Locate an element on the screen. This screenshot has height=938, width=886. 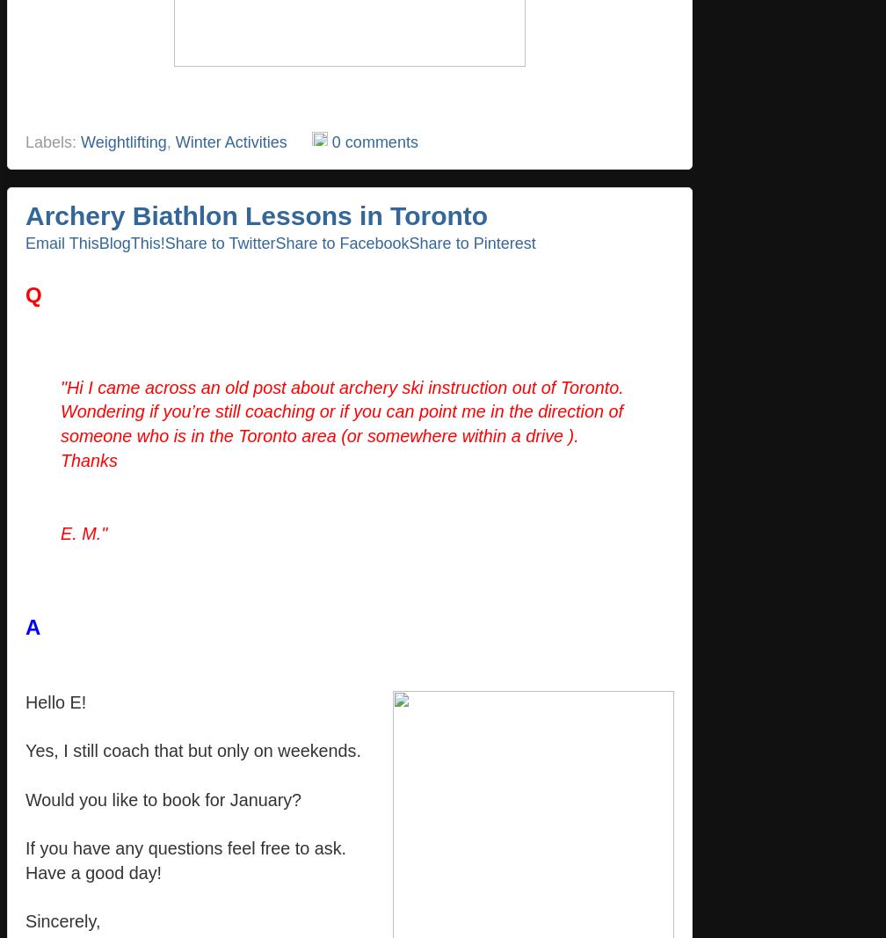
'Weightlifting' is located at coordinates (123, 141).